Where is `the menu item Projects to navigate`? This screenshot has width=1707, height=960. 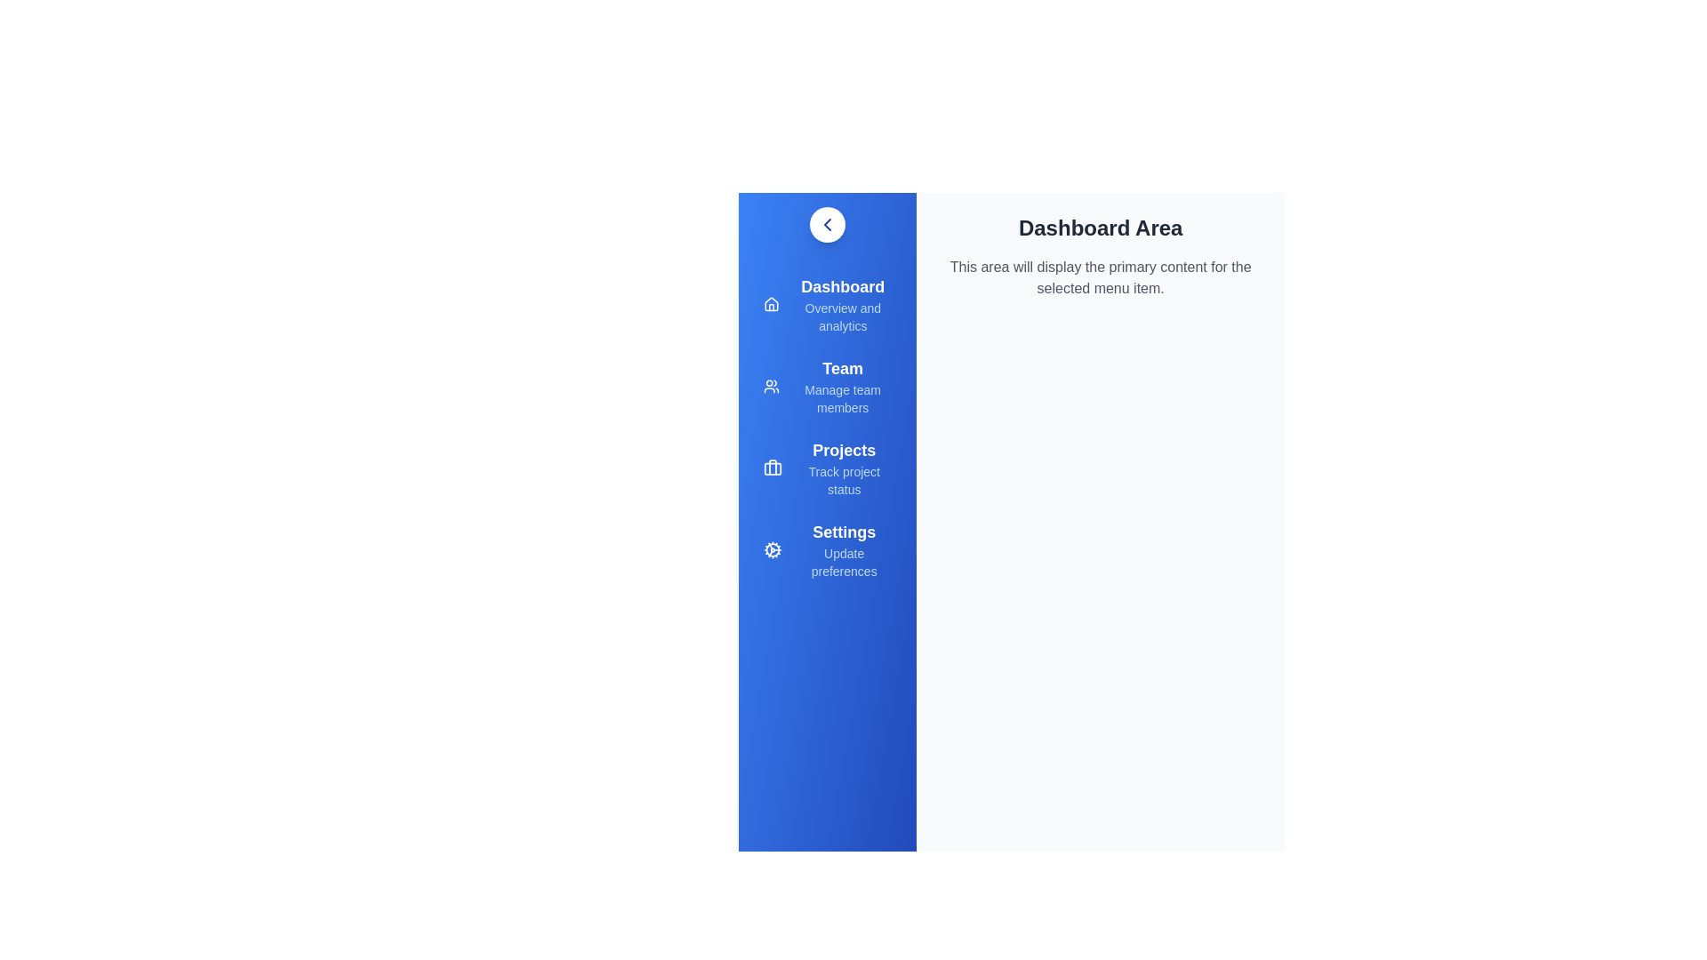
the menu item Projects to navigate is located at coordinates (827, 468).